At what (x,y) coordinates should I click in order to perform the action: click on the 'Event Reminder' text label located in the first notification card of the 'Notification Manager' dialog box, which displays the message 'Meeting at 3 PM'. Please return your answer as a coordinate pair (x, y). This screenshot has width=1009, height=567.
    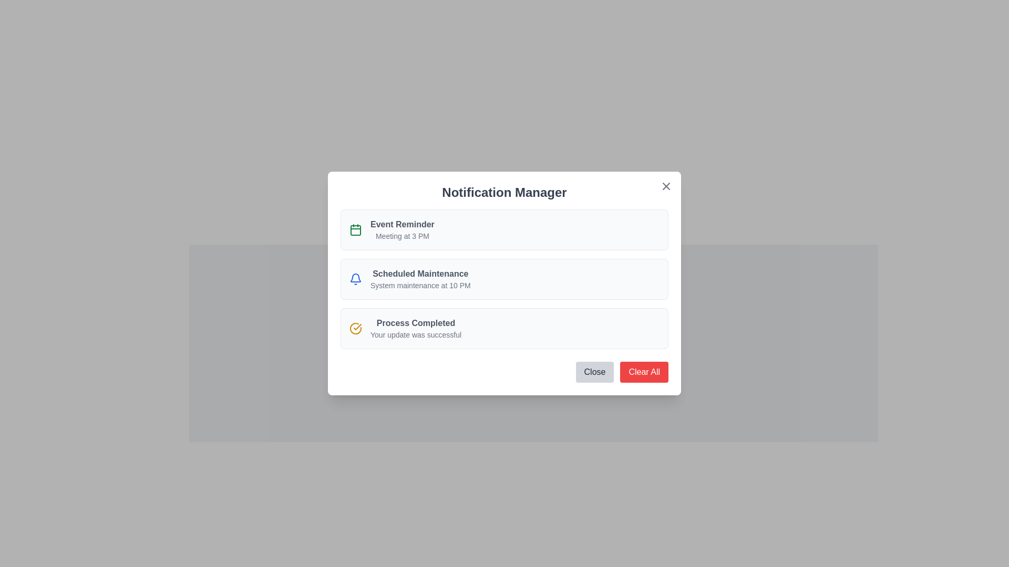
    Looking at the image, I should click on (401, 229).